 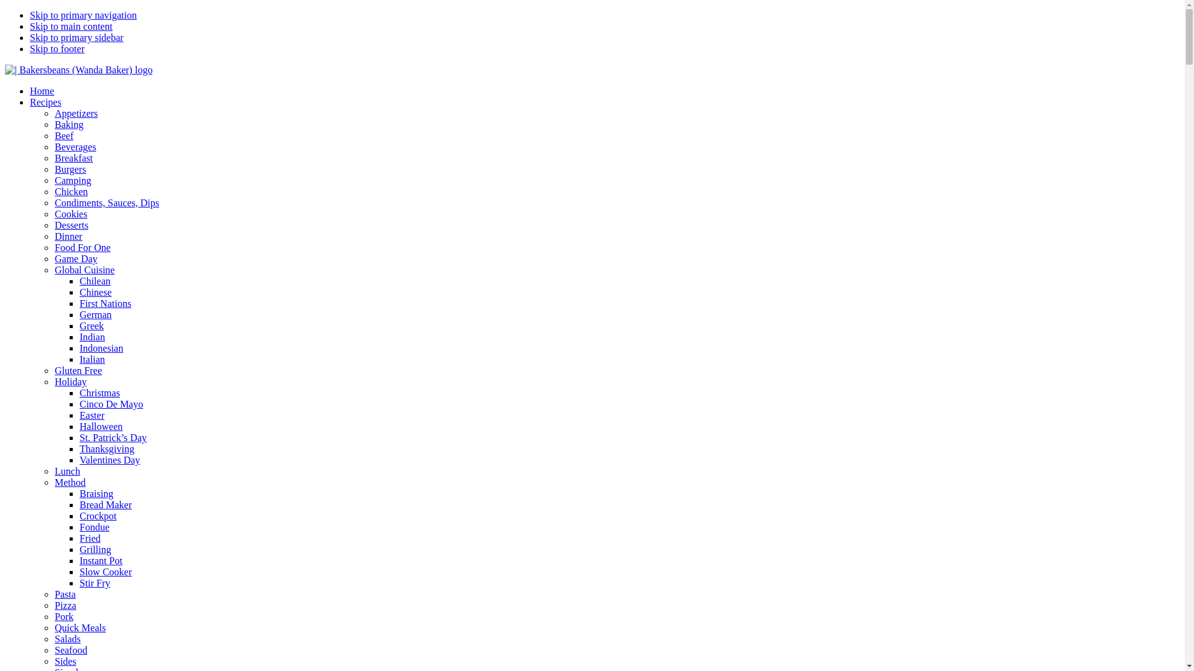 What do you see at coordinates (107, 449) in the screenshot?
I see `'Thanksgiving'` at bounding box center [107, 449].